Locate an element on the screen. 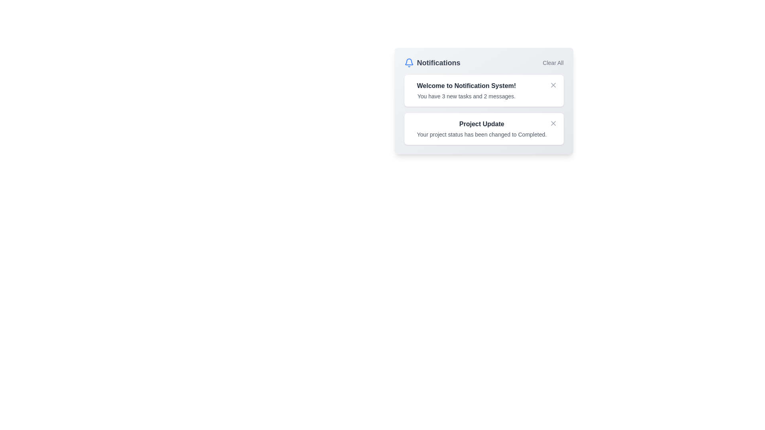  the Text Block element is located at coordinates (466, 86).